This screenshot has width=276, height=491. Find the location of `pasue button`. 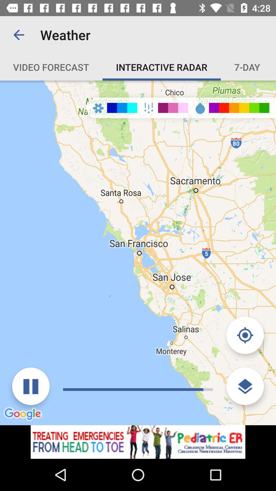

pasue button is located at coordinates (31, 386).